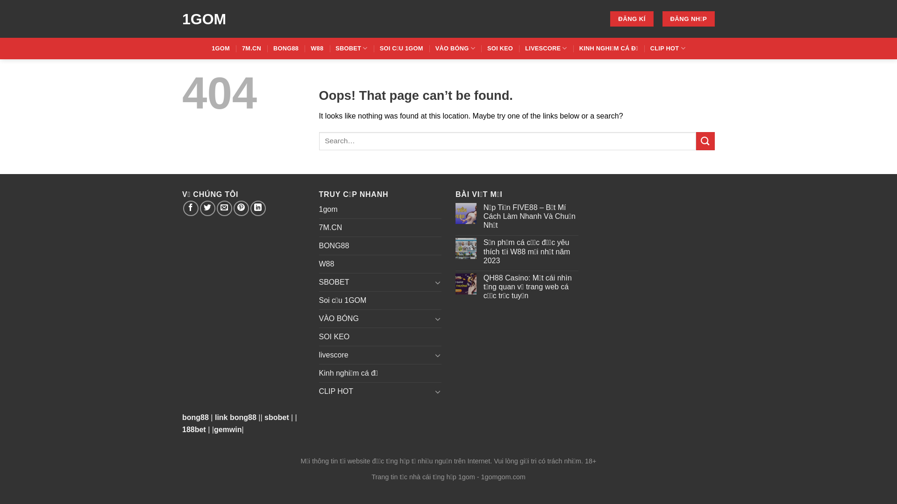 Image resolution: width=897 pixels, height=504 pixels. What do you see at coordinates (375, 392) in the screenshot?
I see `'CLIP HOT'` at bounding box center [375, 392].